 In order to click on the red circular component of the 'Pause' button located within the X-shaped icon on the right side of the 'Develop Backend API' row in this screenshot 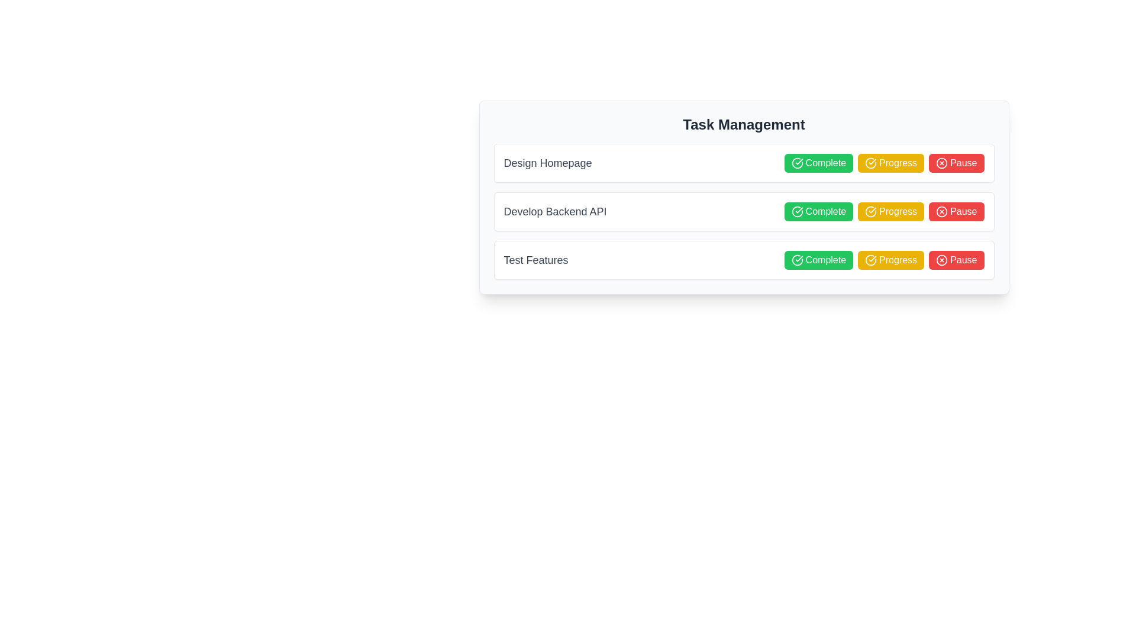, I will do `click(941, 211)`.